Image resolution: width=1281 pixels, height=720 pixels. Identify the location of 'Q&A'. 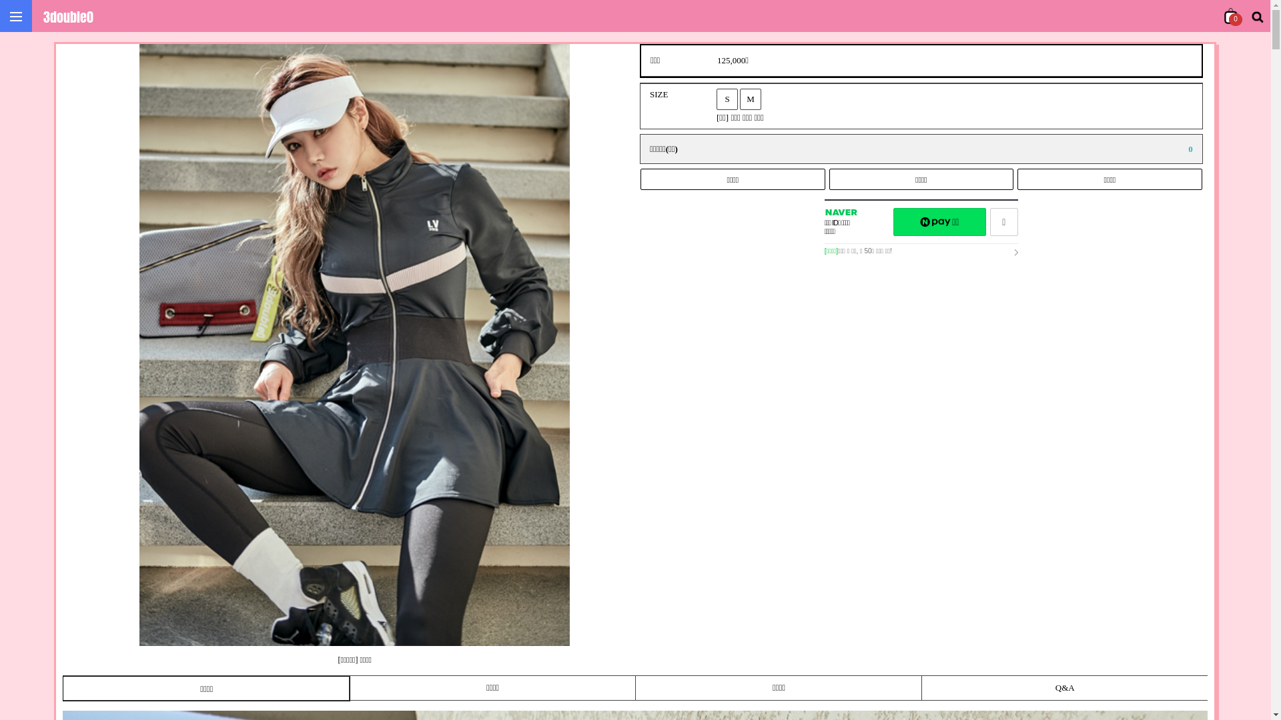
(1064, 688).